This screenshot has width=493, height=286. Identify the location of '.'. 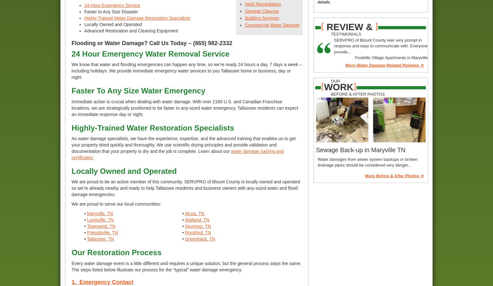
(93, 157).